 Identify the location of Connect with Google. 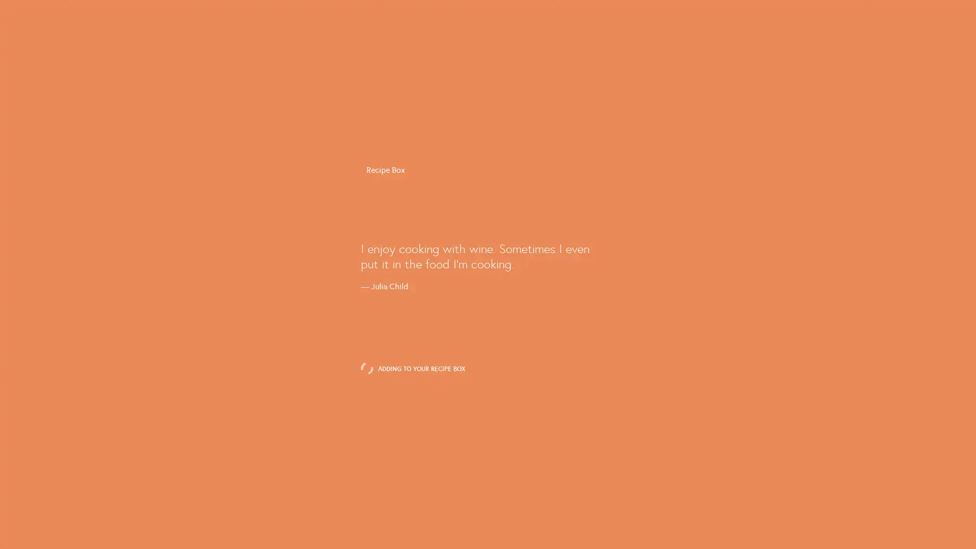
(487, 292).